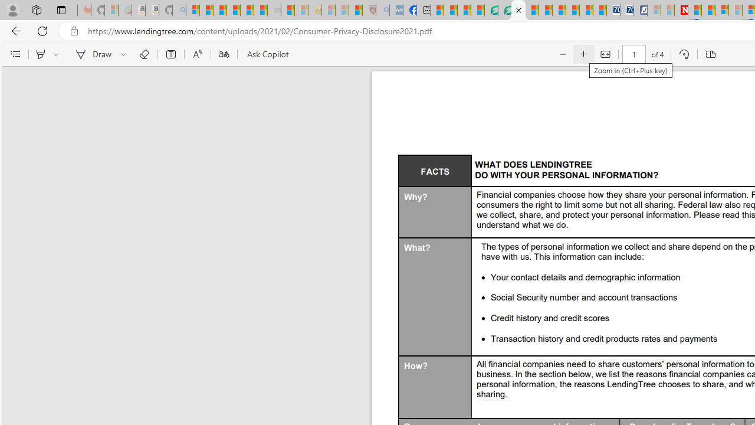  Describe the element at coordinates (125, 54) in the screenshot. I see `'Select ink properties'` at that location.